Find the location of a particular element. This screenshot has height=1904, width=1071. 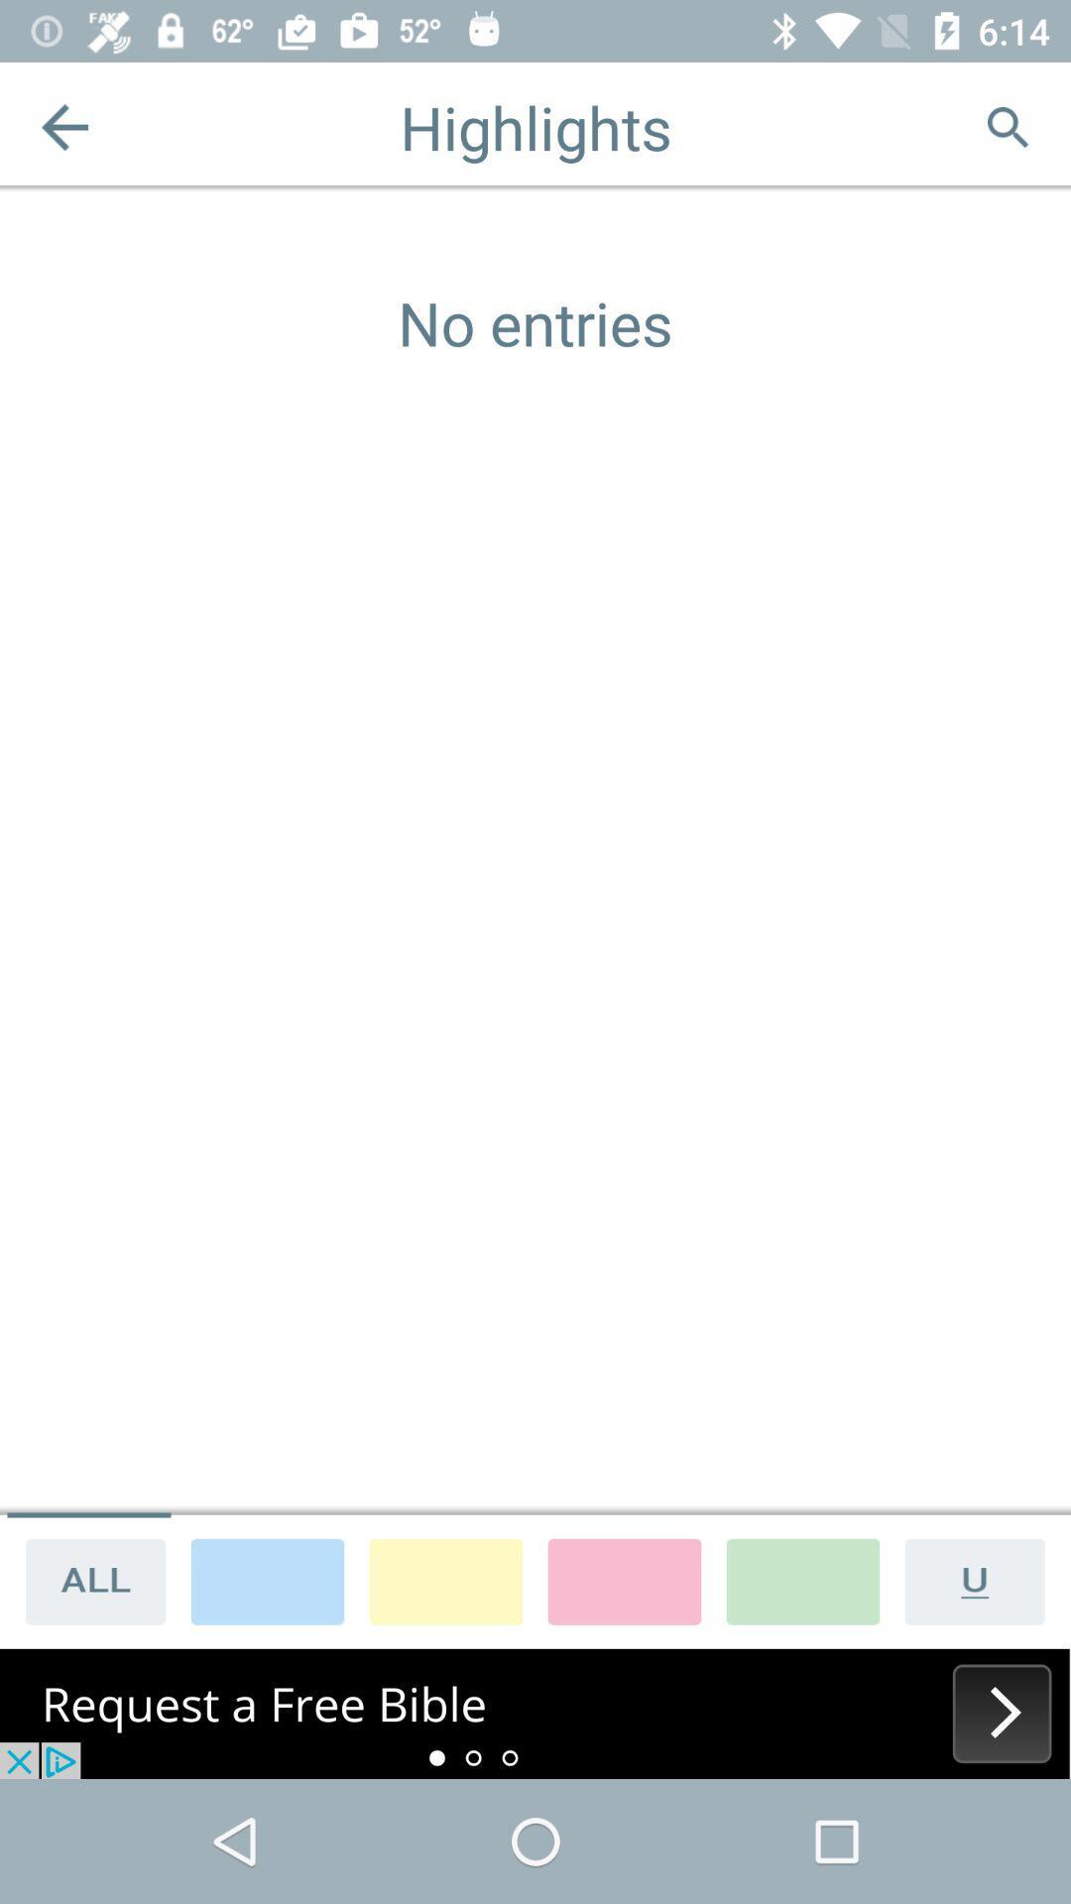

search is located at coordinates (1007, 126).